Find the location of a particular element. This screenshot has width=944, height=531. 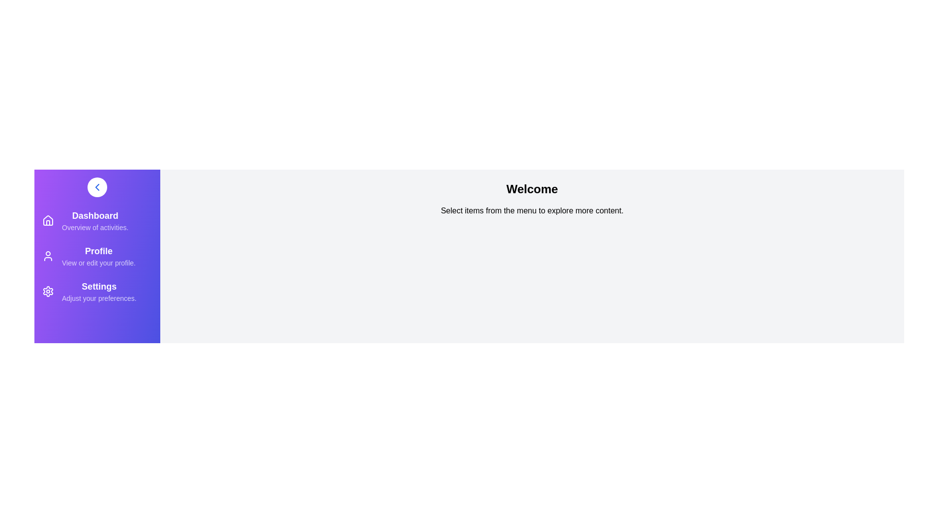

the menu item Dashboard to view its hover effects is located at coordinates (47, 220).